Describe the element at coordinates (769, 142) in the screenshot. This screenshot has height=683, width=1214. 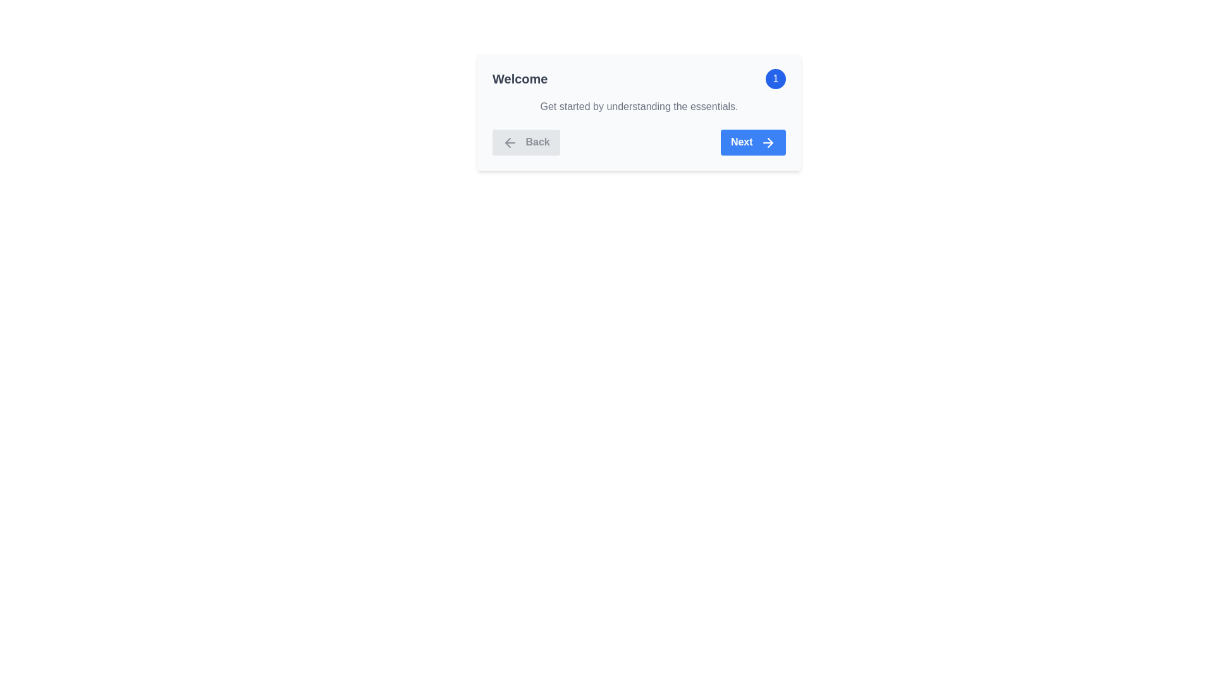
I see `the 'Next' button, which features a graphic arrowhead indicating progression, located in the bottom-right section of the onboarding card` at that location.